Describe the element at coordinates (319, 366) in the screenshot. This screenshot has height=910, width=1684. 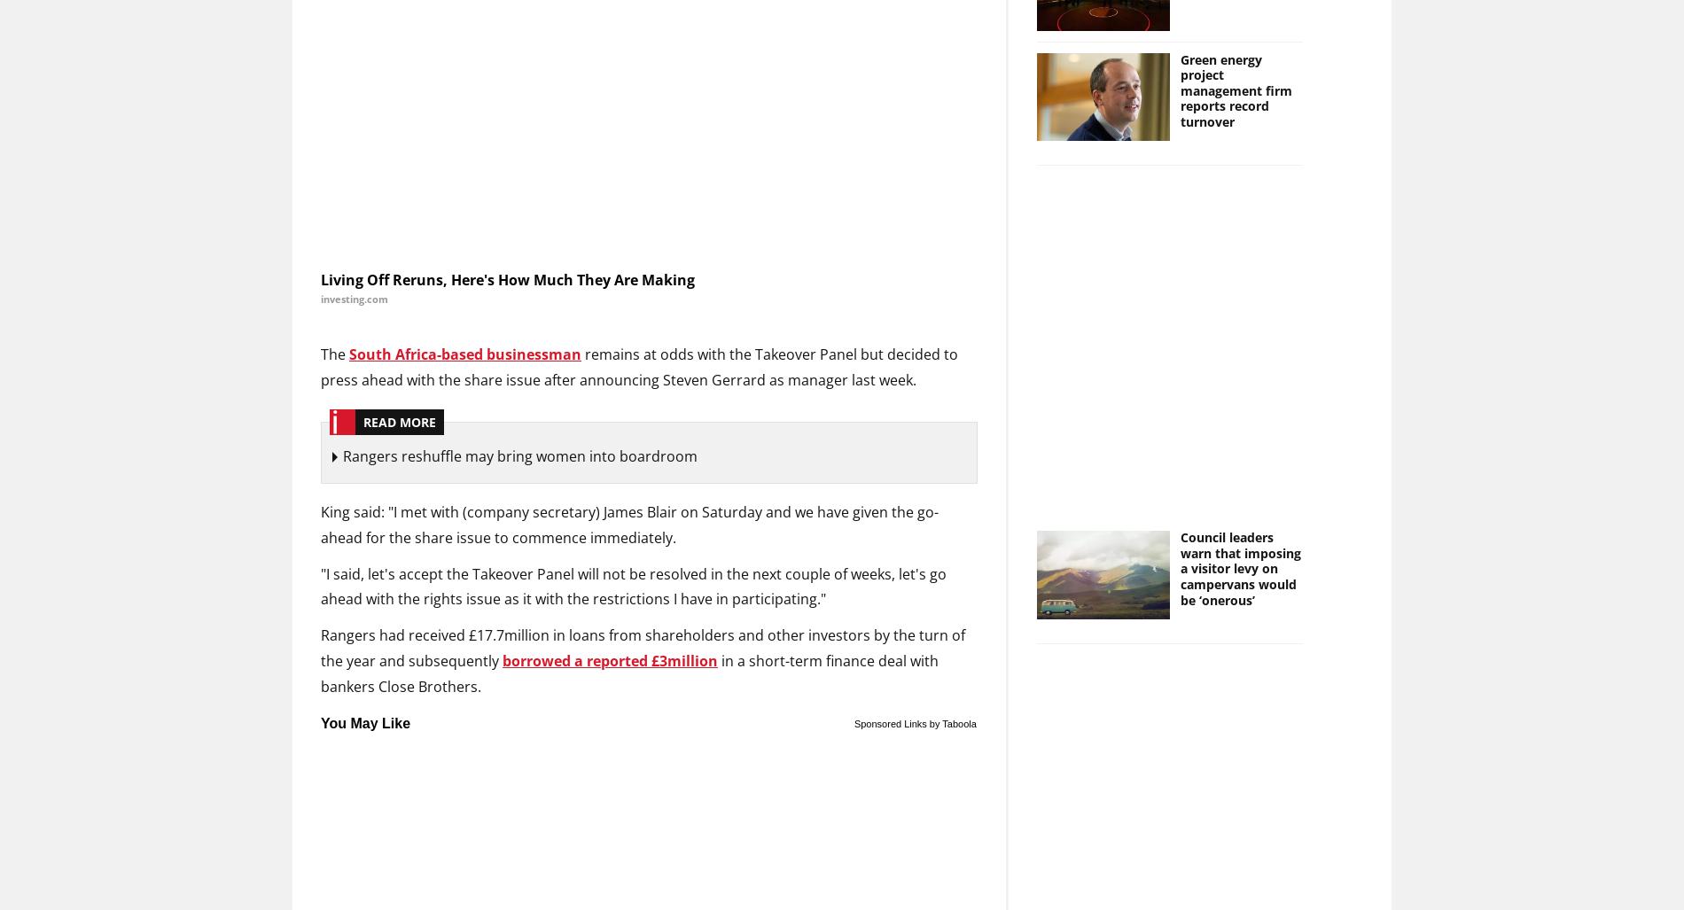
I see `'remains at odds with the Takeover Panel but decided to press ahead with the share issue after announcing Steven Gerrard as manager last week.'` at that location.